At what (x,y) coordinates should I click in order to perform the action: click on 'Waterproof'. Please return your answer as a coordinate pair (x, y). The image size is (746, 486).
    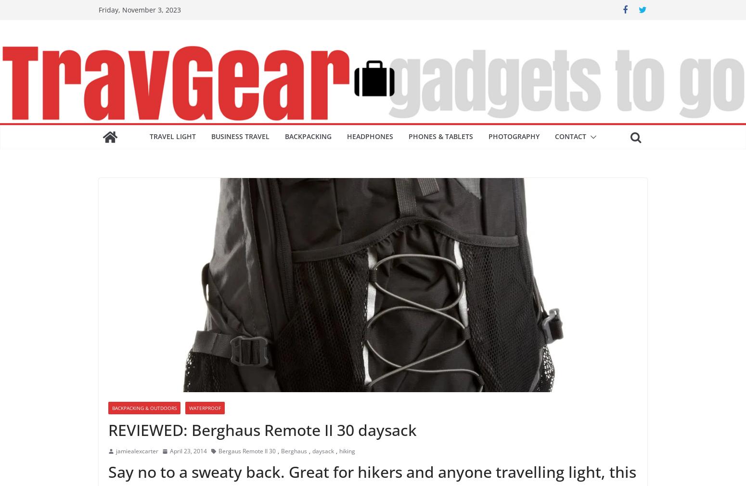
    Looking at the image, I should click on (205, 408).